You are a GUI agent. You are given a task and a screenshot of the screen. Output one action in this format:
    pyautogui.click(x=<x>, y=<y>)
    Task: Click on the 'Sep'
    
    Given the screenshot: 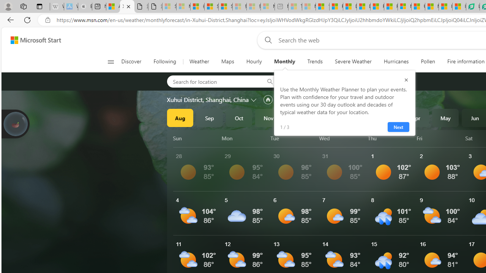 What is the action you would take?
    pyautogui.click(x=210, y=118)
    